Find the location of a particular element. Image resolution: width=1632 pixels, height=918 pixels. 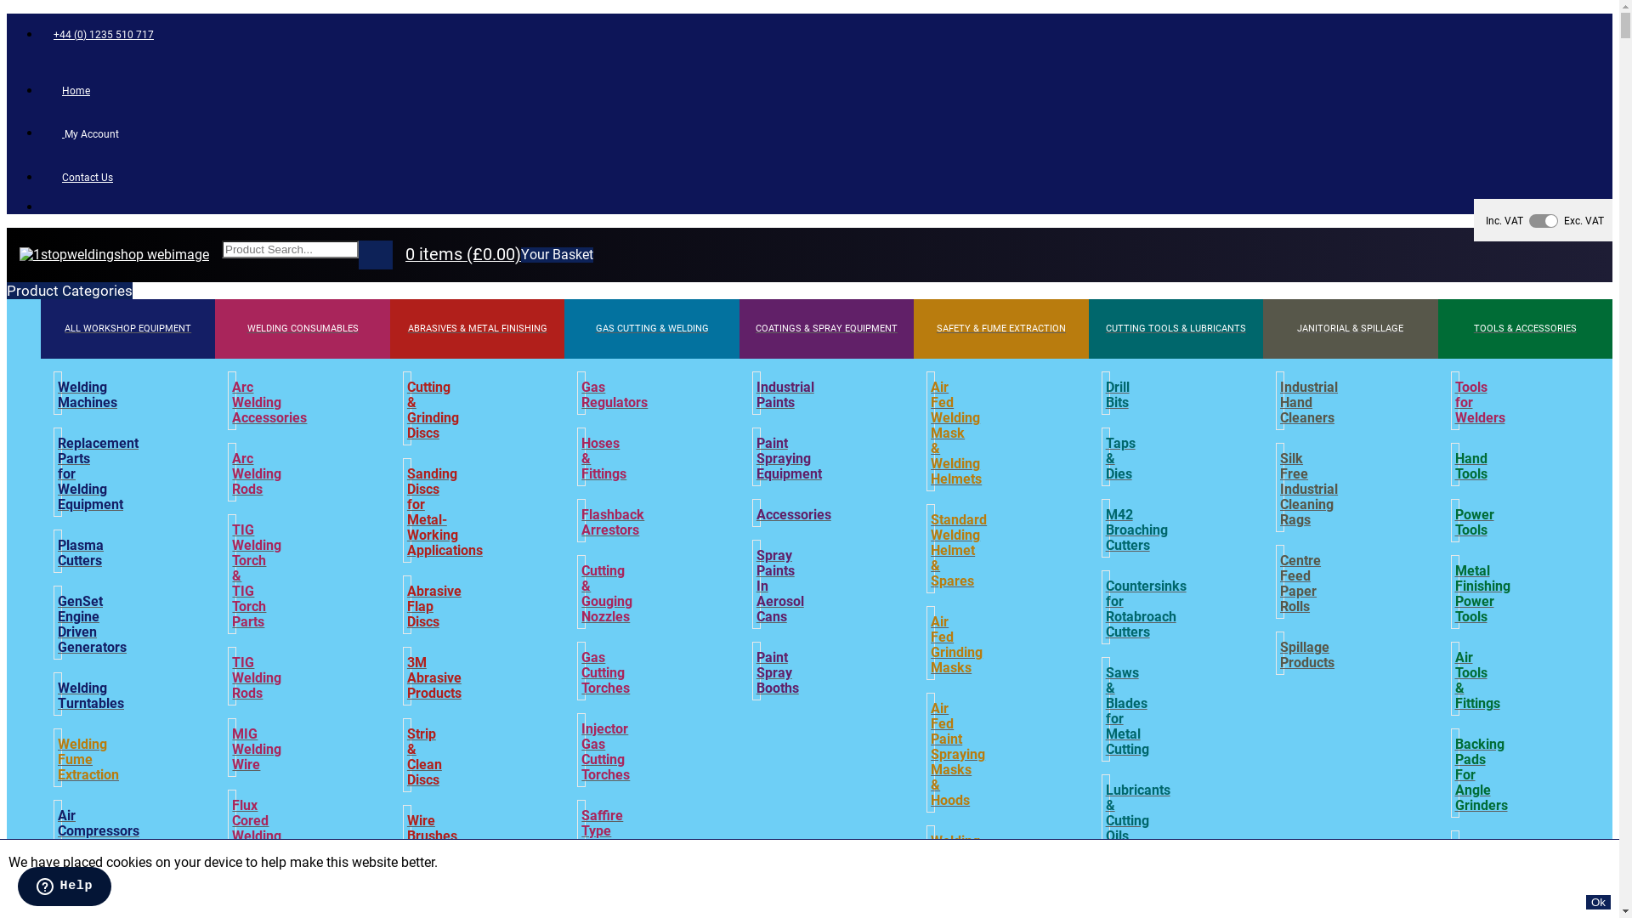

'Gas Cutting Torches' is located at coordinates (605, 671).